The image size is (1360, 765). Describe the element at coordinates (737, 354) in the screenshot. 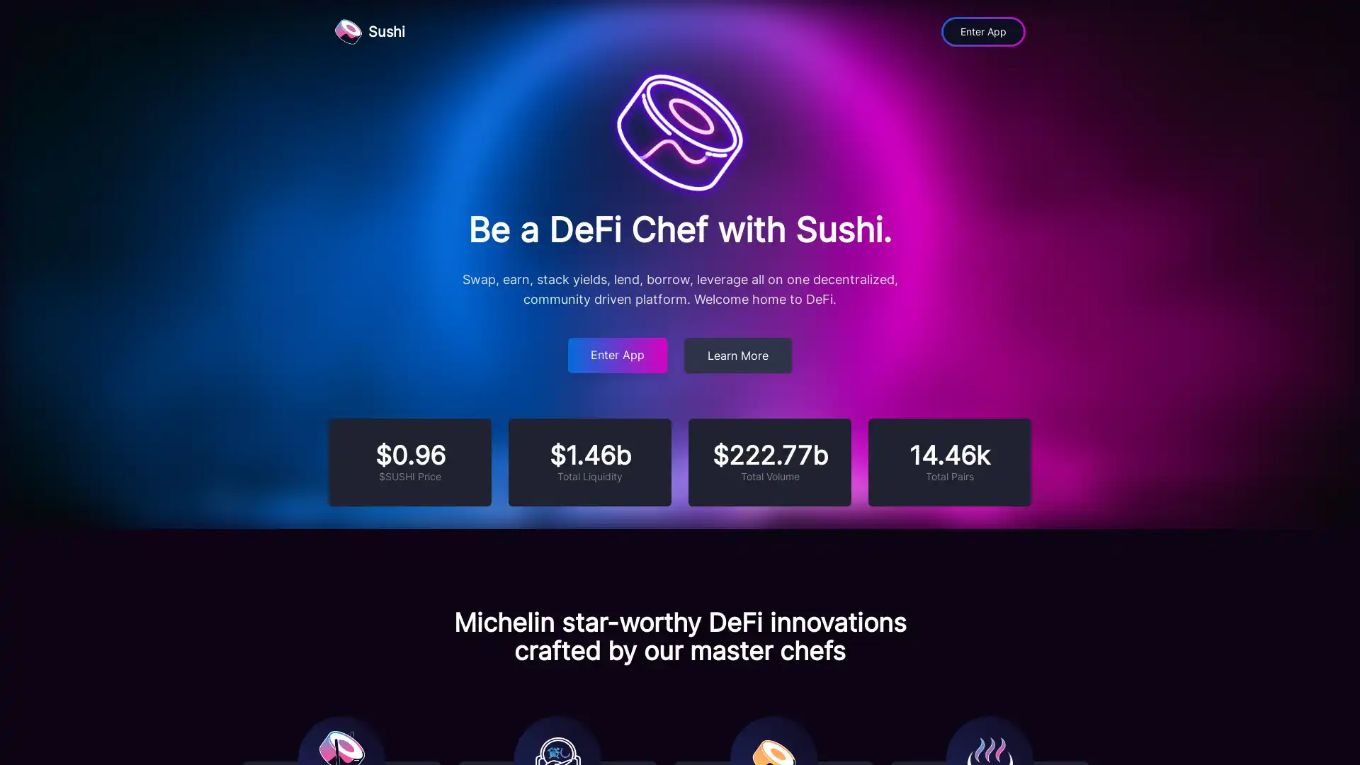

I see `Learn More` at that location.